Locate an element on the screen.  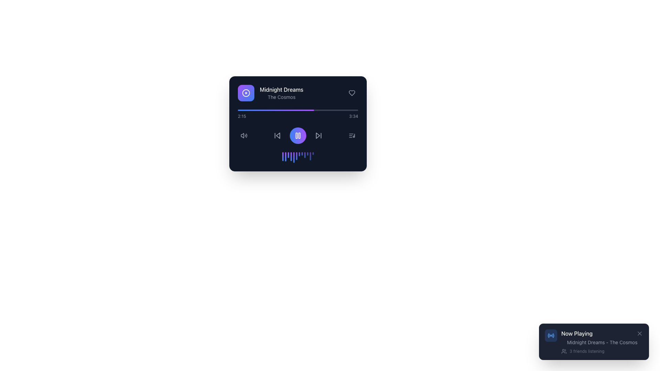
the button located in the bottom right corner of the music player interface is located at coordinates (352, 135).